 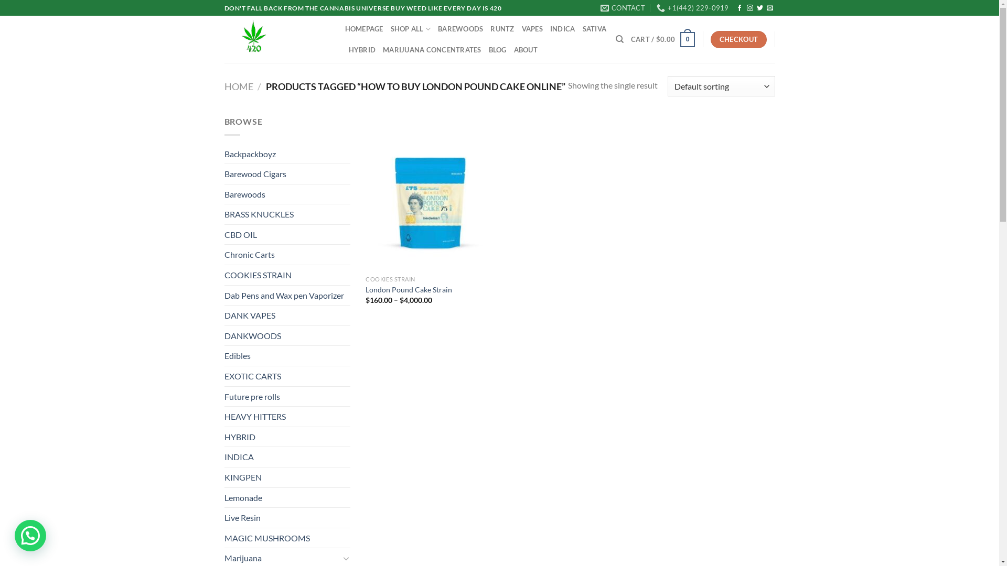 I want to click on '+1(442) 229-0919', so click(x=692, y=8).